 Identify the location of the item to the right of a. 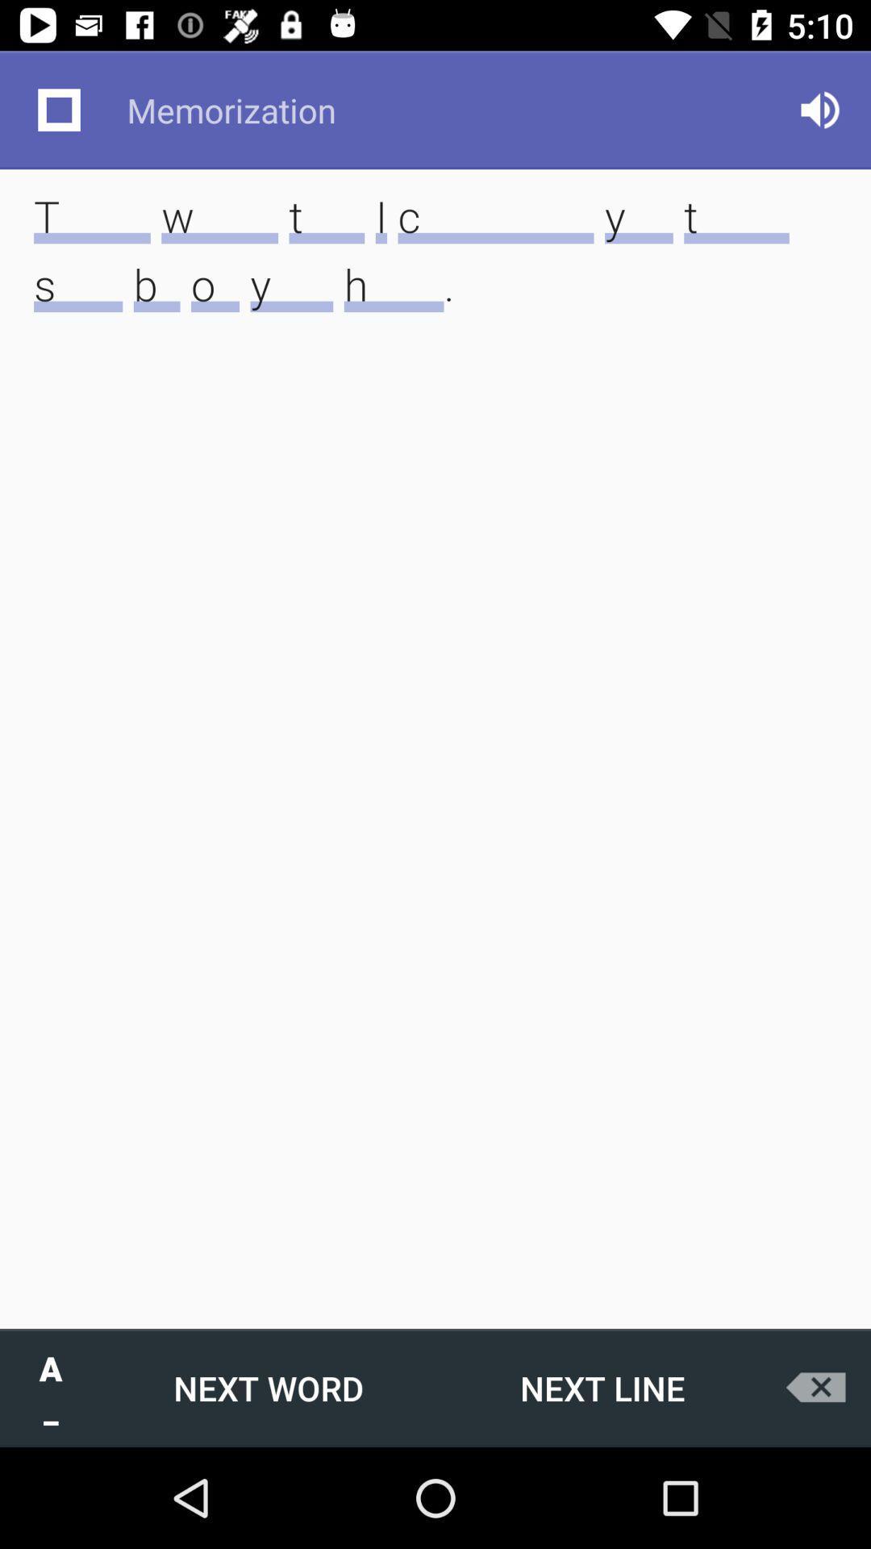
(267, 1387).